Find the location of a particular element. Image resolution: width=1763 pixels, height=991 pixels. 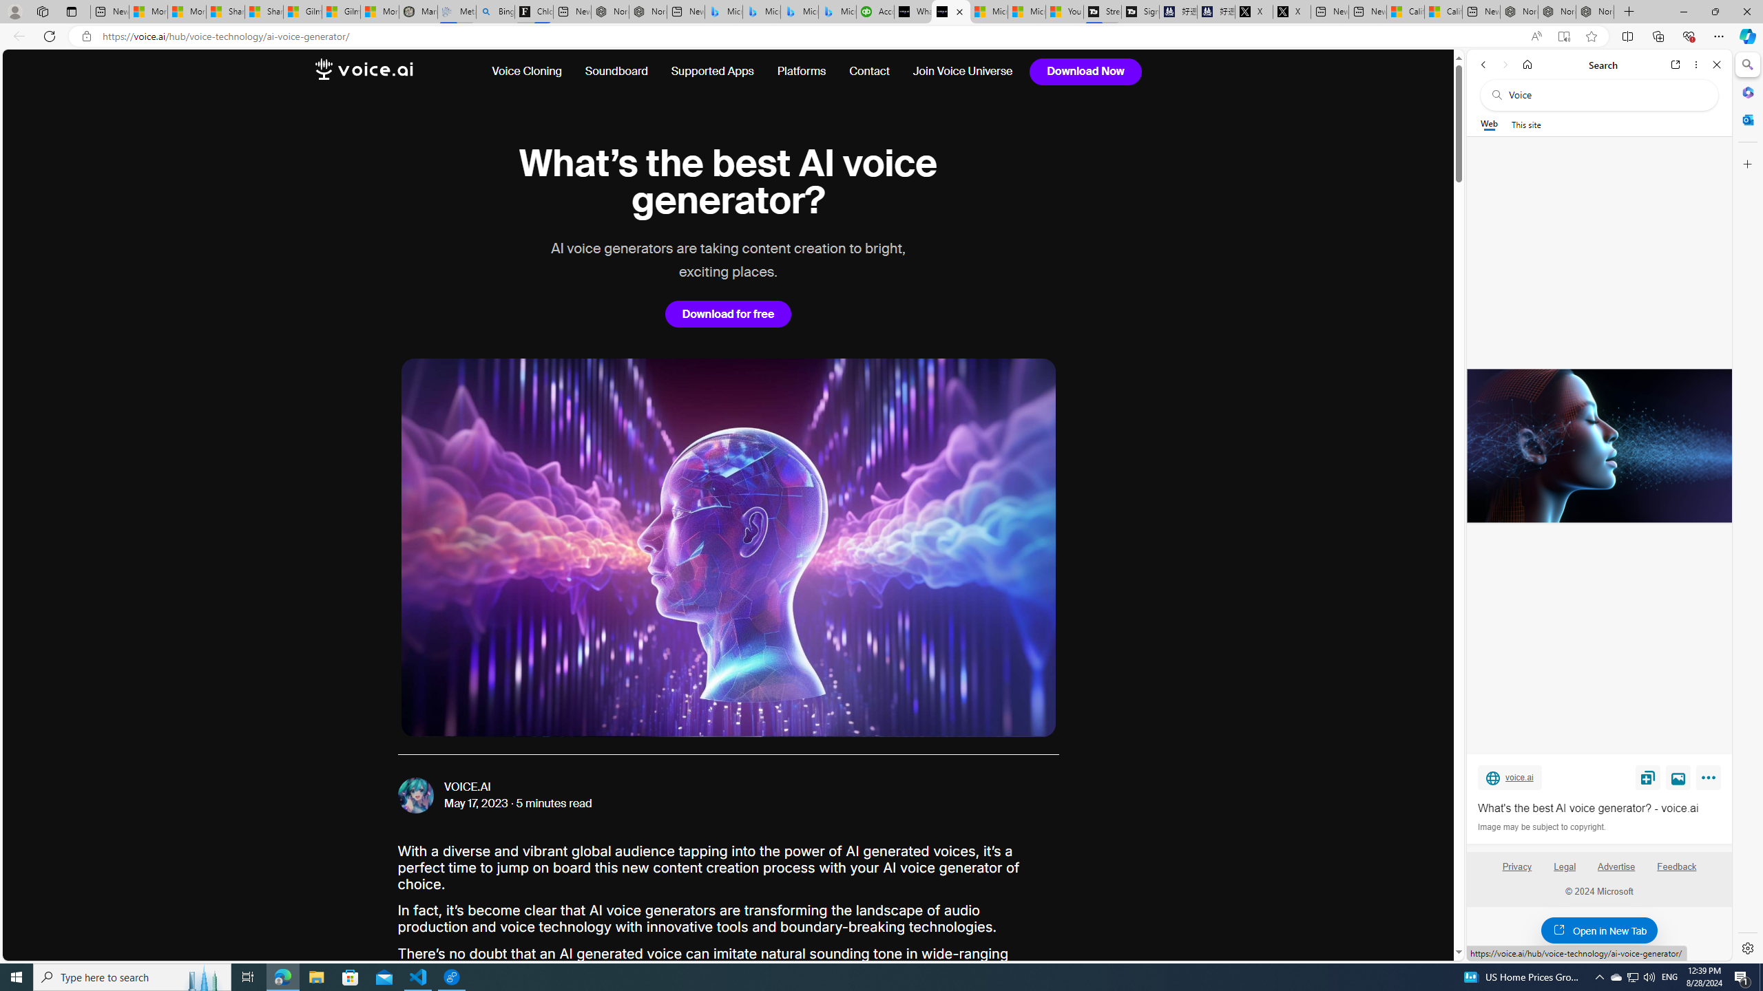

'Nordace Siena Pro 15 Backpack' is located at coordinates (1556, 11).